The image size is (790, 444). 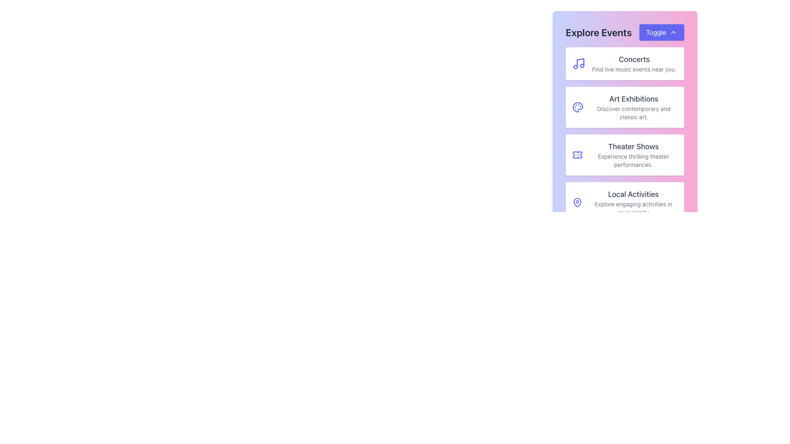 What do you see at coordinates (577, 155) in the screenshot?
I see `the indigo ticket-like icon located in the third row of the 'Explore Events' panel, which is positioned to the immediate left of the 'Theater Shows' label` at bounding box center [577, 155].